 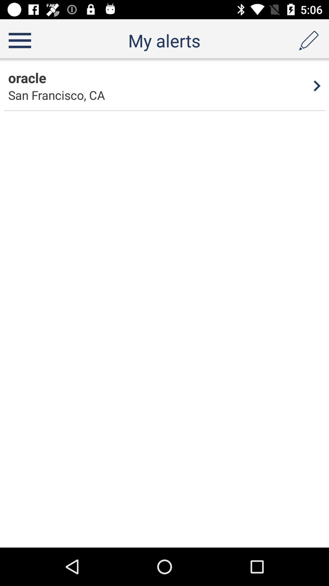 I want to click on the app next to the 4 item, so click(x=56, y=95).